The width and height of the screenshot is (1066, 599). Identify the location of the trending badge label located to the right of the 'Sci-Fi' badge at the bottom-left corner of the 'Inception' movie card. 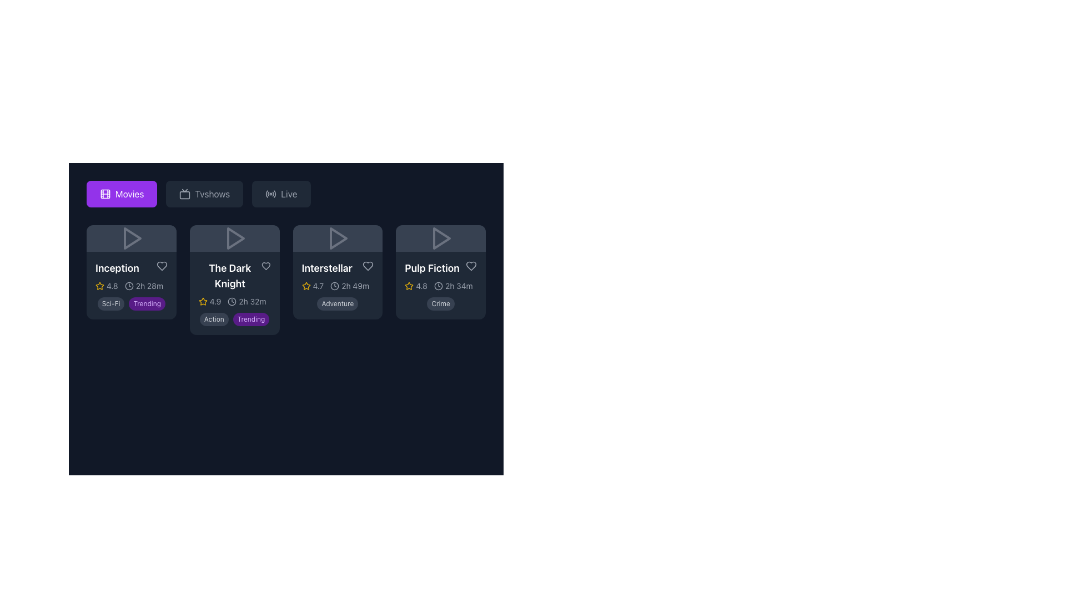
(147, 303).